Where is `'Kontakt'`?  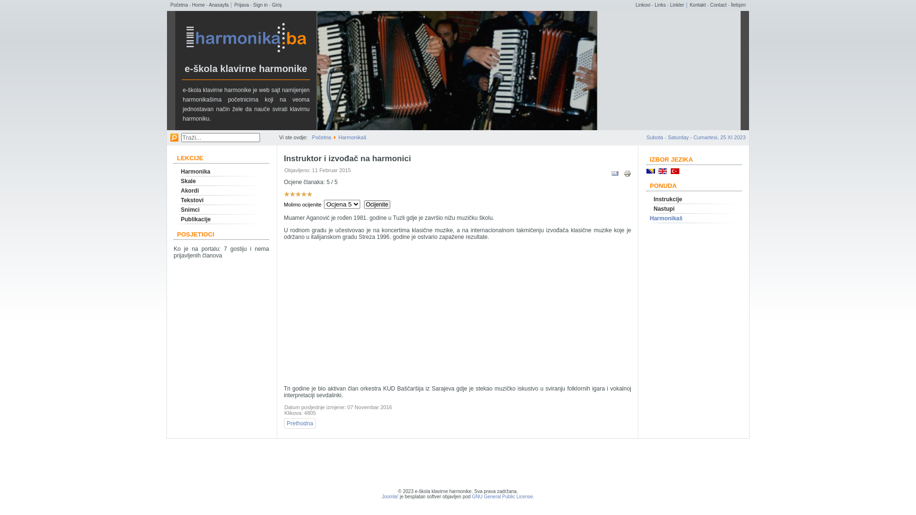 'Kontakt' is located at coordinates (698, 5).